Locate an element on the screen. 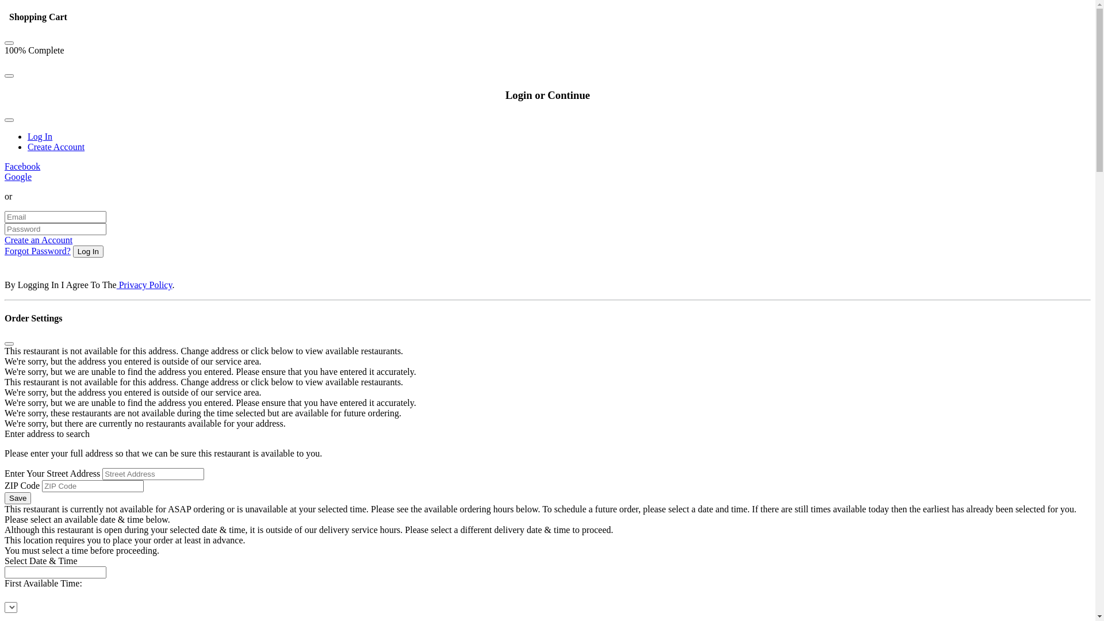  'Privacy Policy' is located at coordinates (144, 285).